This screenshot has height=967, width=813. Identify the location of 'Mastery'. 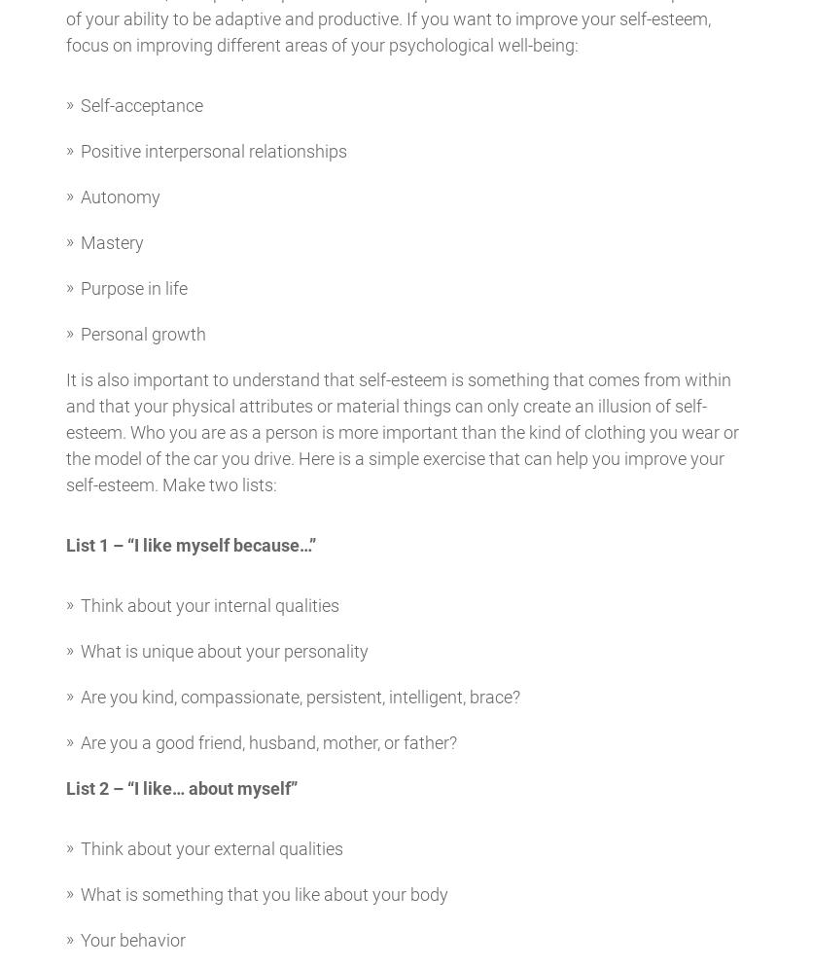
(111, 241).